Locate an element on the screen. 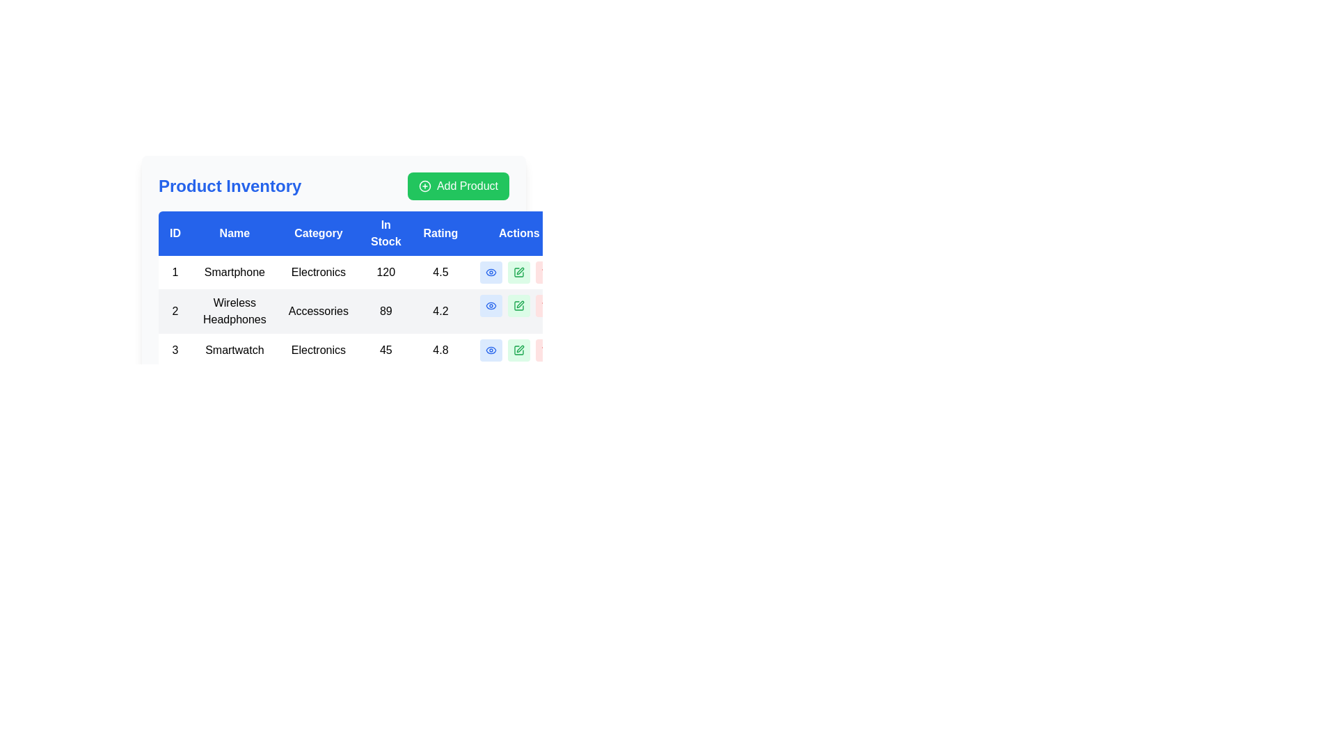 This screenshot has width=1336, height=751. the table cell displaying the stock quantity for 'Wireless Headphones' in the 'In Stock' column by is located at coordinates (385, 310).